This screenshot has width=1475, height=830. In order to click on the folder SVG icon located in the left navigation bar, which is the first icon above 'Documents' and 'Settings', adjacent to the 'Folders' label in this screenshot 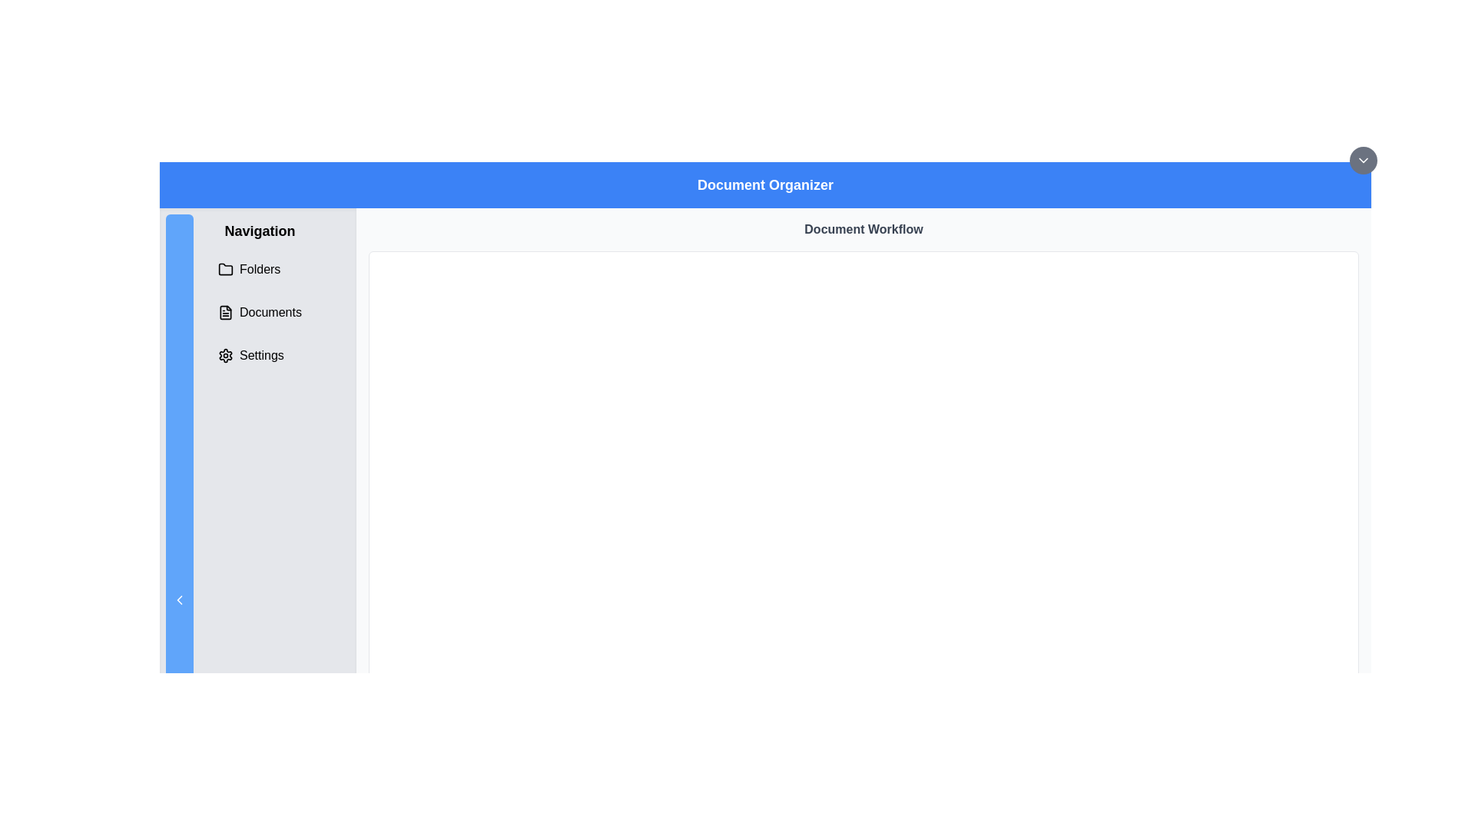, I will do `click(224, 268)`.